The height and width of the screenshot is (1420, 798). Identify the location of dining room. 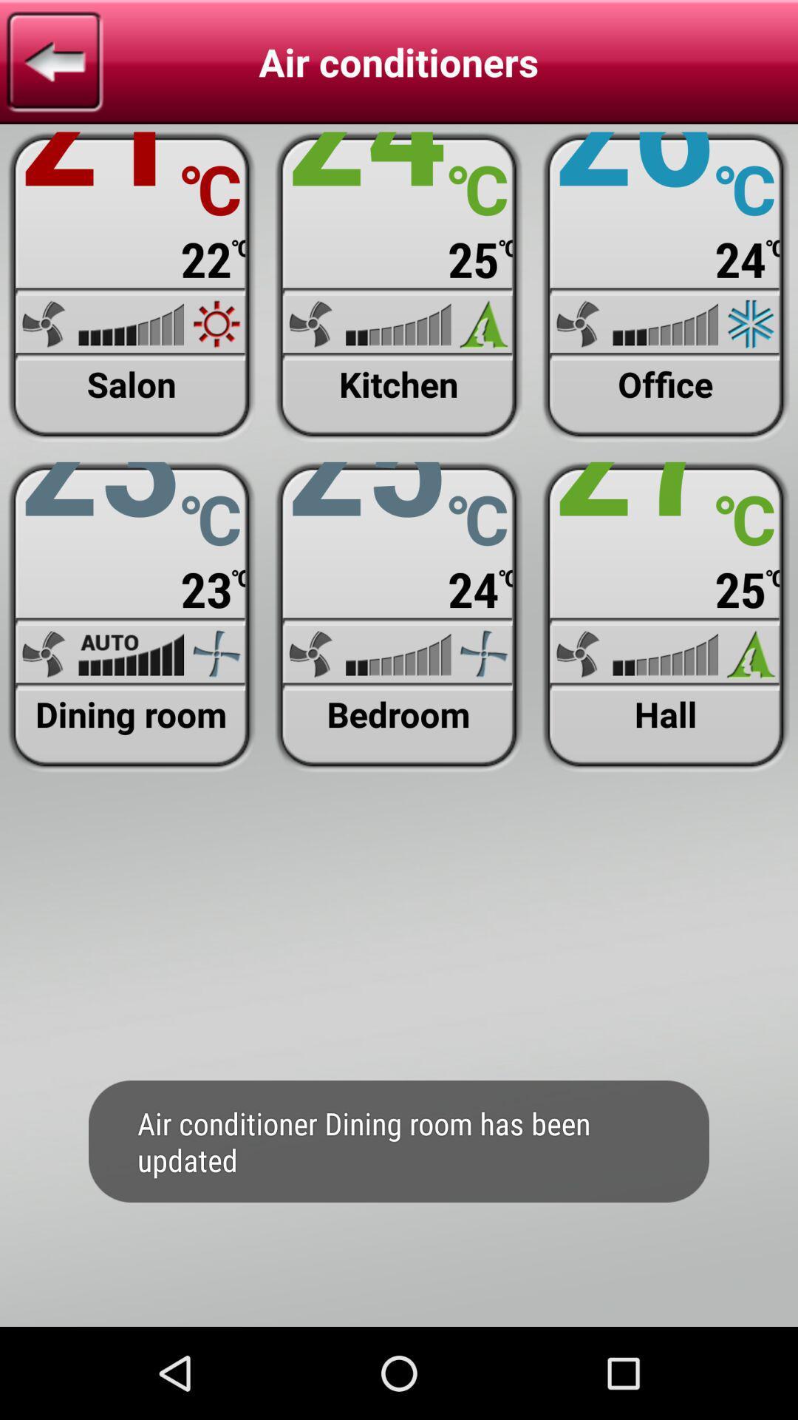
(131, 617).